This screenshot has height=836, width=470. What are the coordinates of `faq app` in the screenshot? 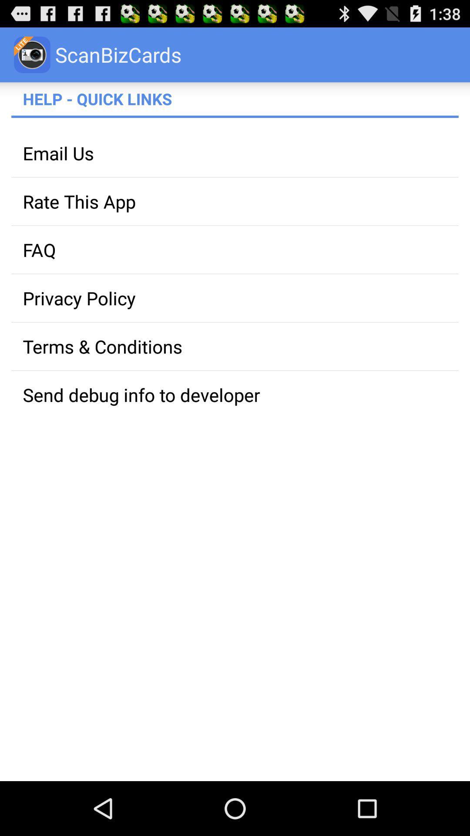 It's located at (235, 249).